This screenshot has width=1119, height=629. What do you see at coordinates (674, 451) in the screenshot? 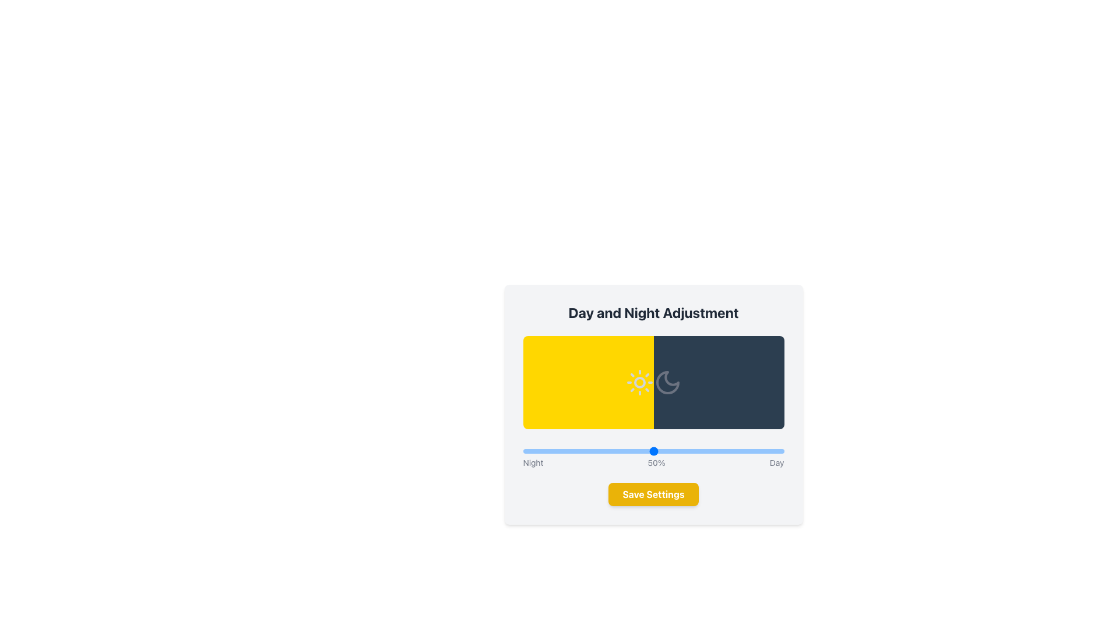
I see `the day-night adjustment` at bounding box center [674, 451].